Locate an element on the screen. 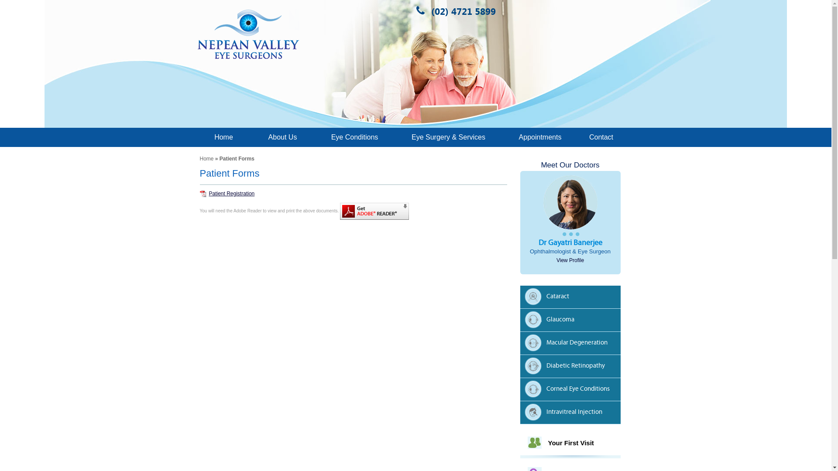 The width and height of the screenshot is (838, 471). 'Contact' is located at coordinates (601, 137).